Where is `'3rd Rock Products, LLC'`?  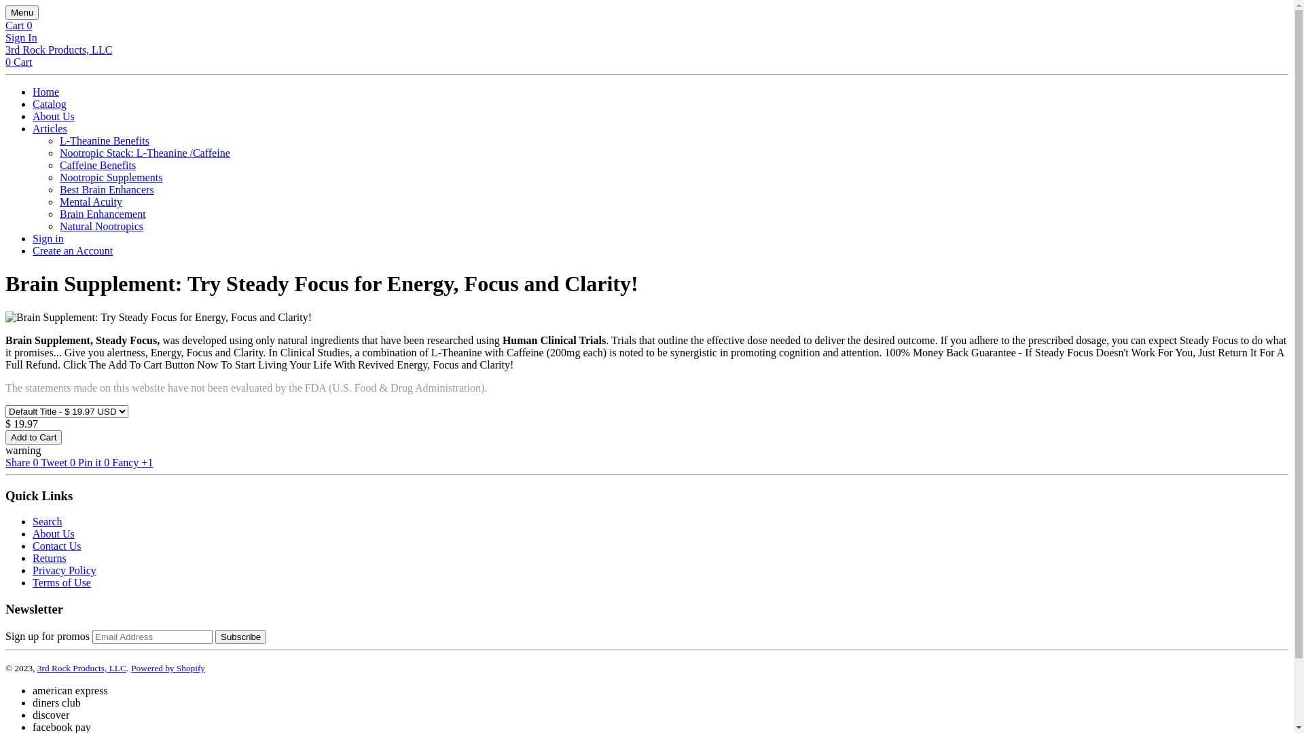 '3rd Rock Products, LLC' is located at coordinates (81, 667).